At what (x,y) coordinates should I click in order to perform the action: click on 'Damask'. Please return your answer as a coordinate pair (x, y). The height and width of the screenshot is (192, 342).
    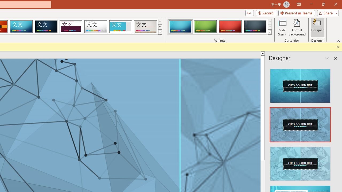
    Looking at the image, I should click on (46, 27).